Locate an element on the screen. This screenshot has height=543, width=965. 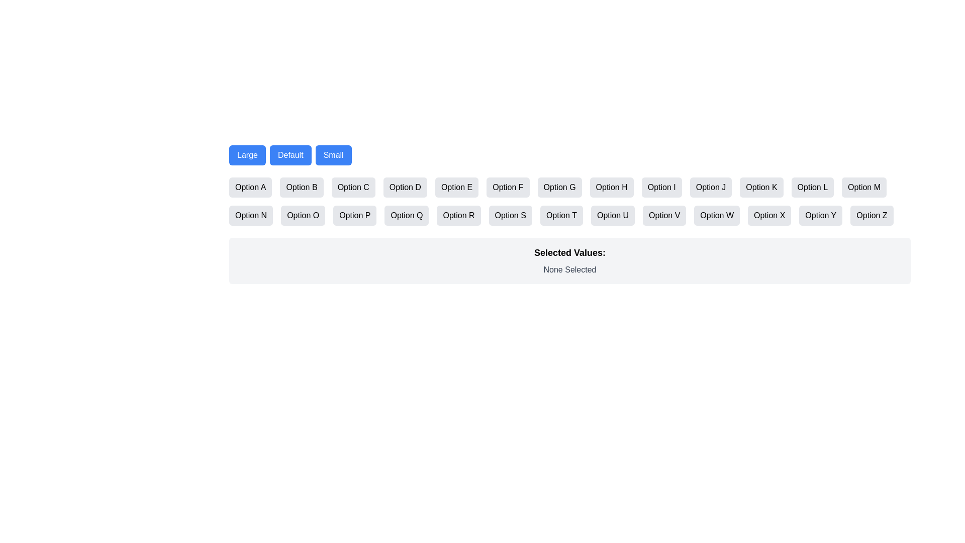
the 'Option R' button, which is the 18th item in a horizontally arranged grid of buttons, located in the second row between 'Option Q' and 'Option S' is located at coordinates (458, 215).